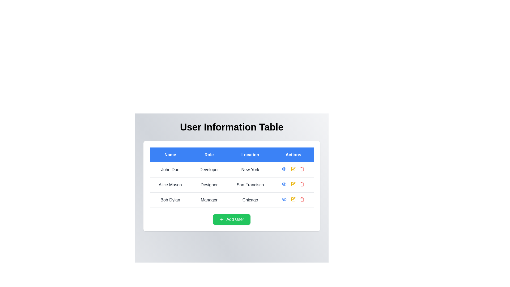  What do you see at coordinates (170, 155) in the screenshot?
I see `text displayed in the Table Header labeled 'Name', which is centered in a blue rectangular background` at bounding box center [170, 155].